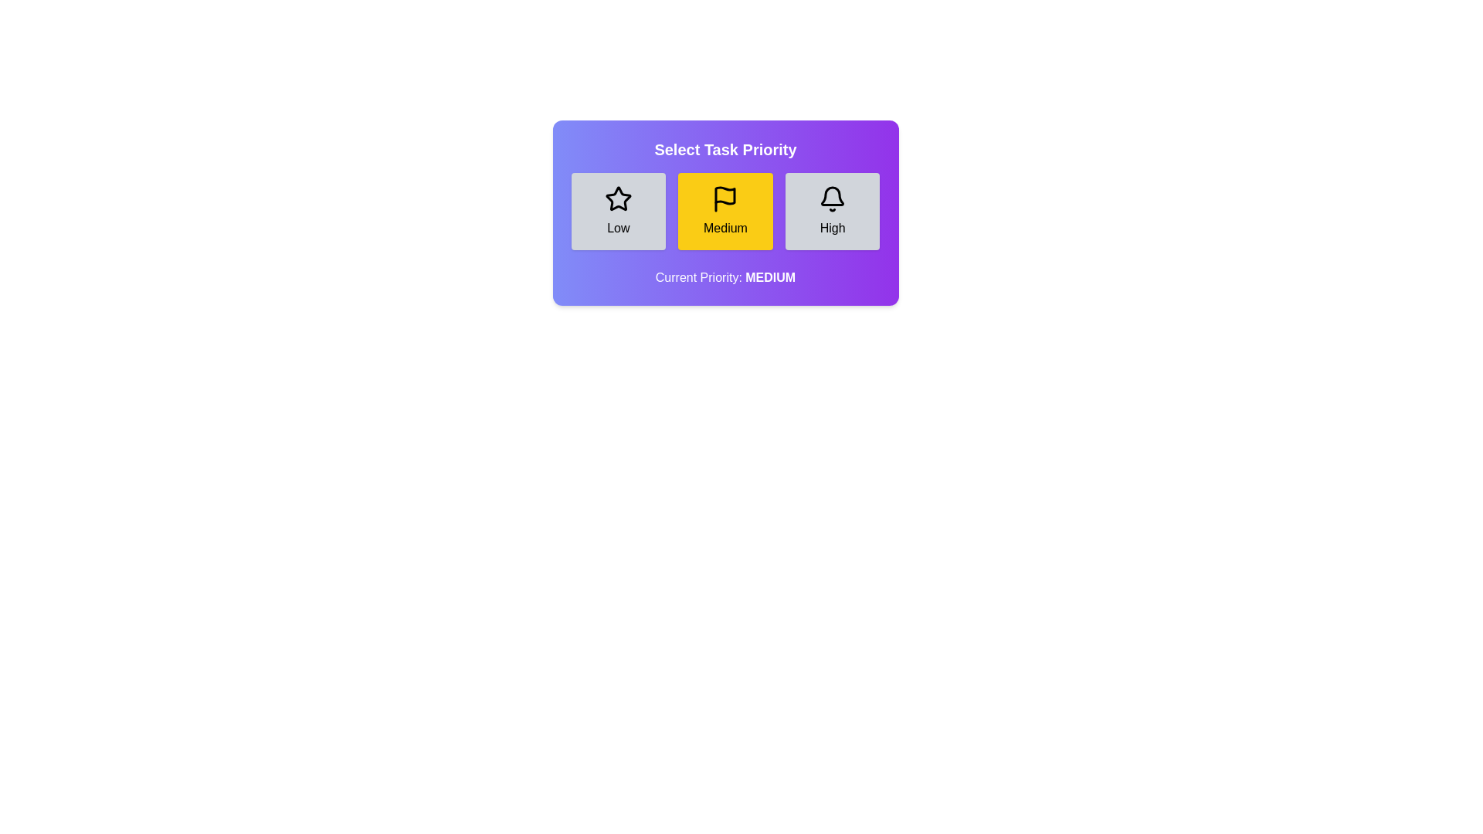  What do you see at coordinates (832, 211) in the screenshot?
I see `the priority button labeled High to observe its hover effect` at bounding box center [832, 211].